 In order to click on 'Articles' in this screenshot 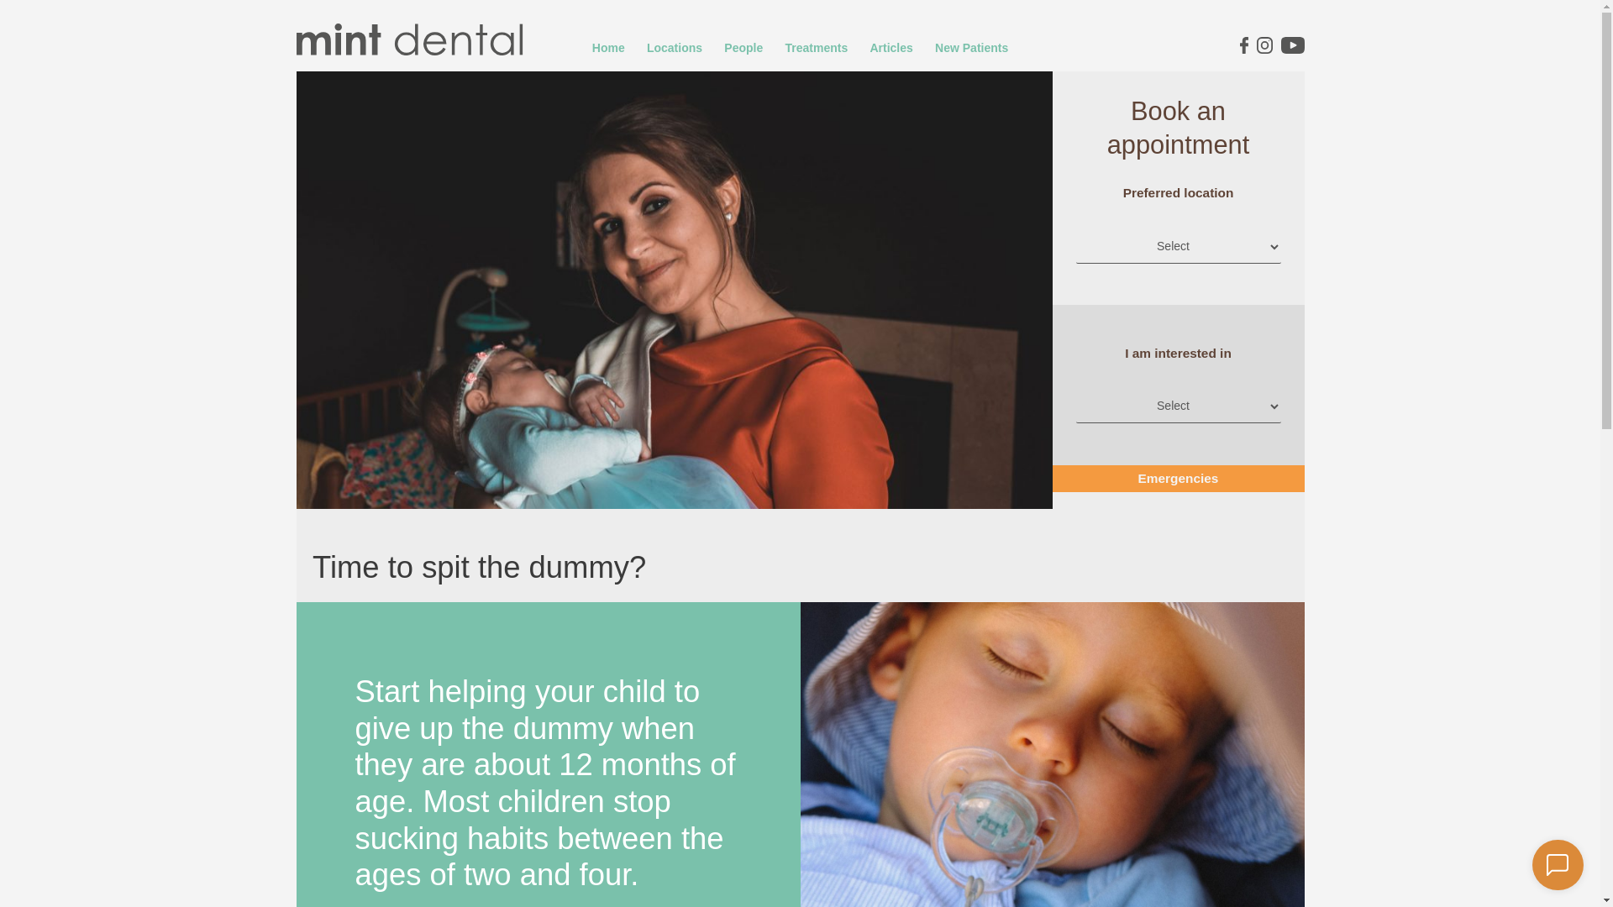, I will do `click(890, 47)`.